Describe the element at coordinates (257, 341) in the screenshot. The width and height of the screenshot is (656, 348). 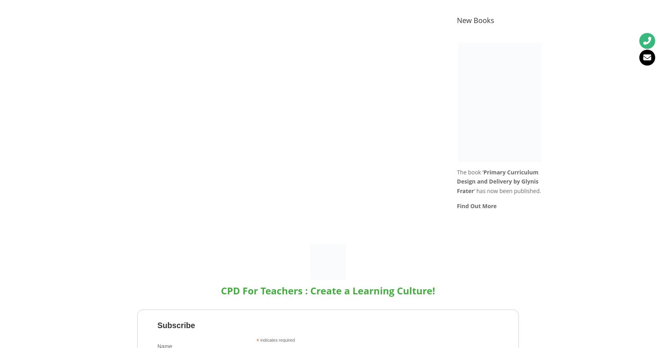
I see `'*'` at that location.